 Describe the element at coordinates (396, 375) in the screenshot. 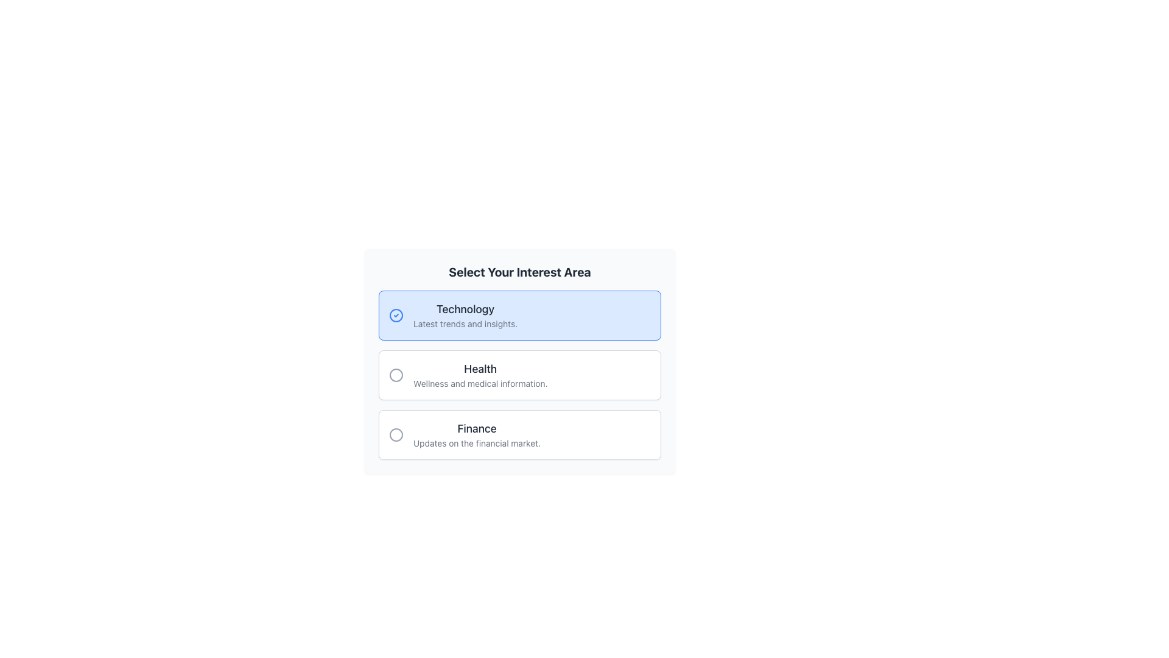

I see `the circular radio button representing the 'Health' category` at that location.